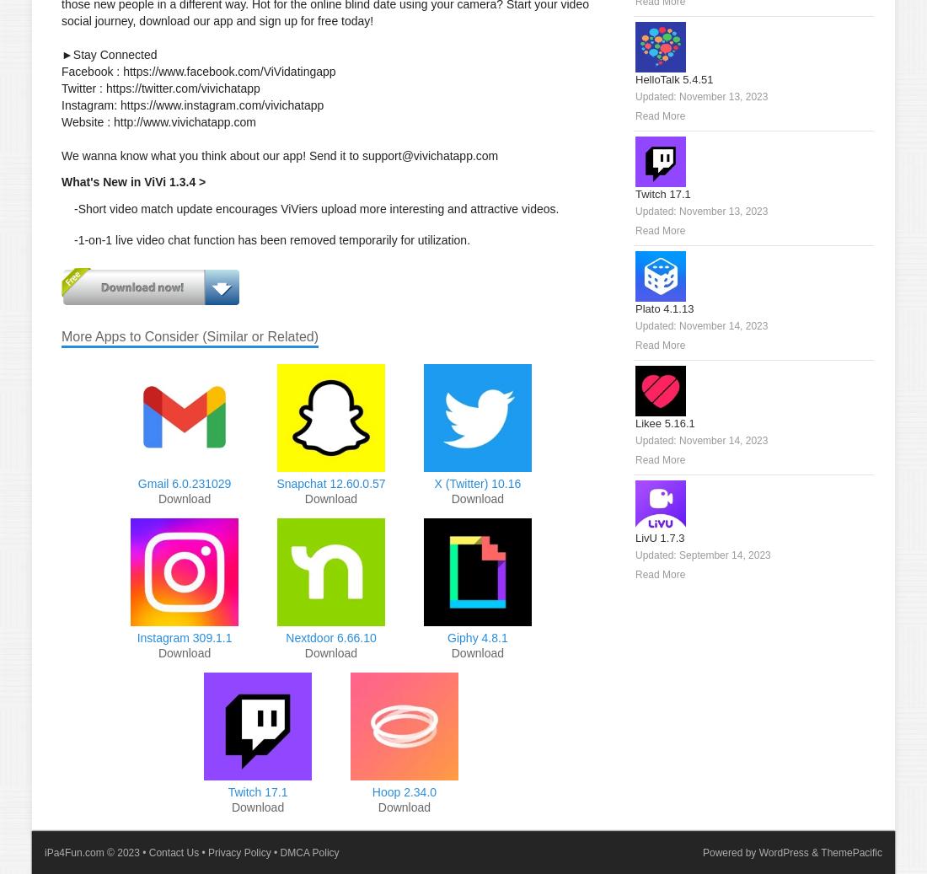  What do you see at coordinates (132, 181) in the screenshot?
I see `'What's New in ViVi 1.3.4 >'` at bounding box center [132, 181].